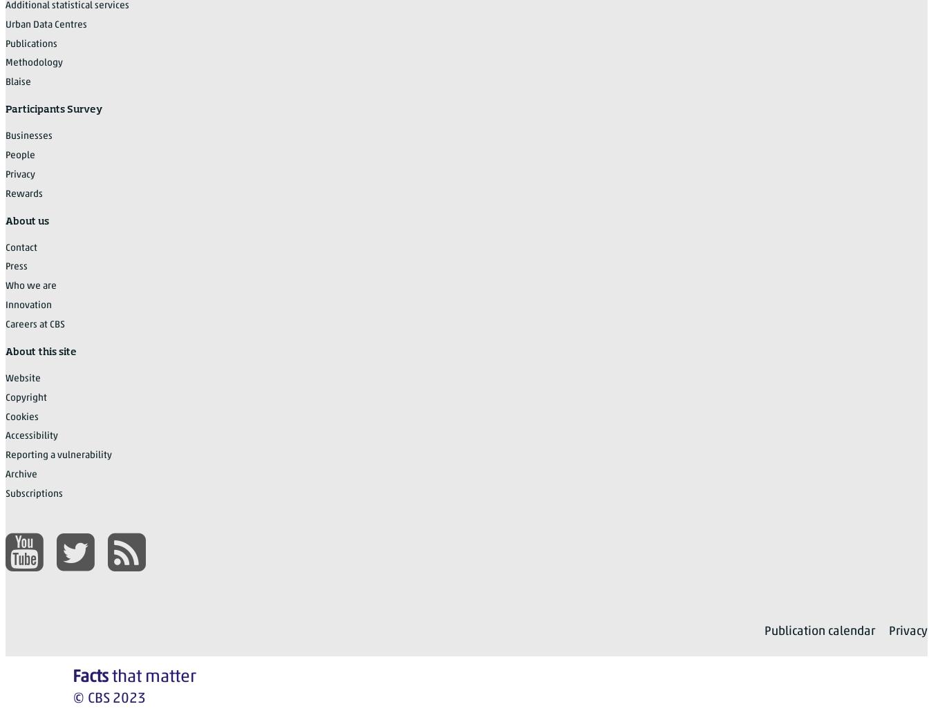  I want to click on 'About this site', so click(41, 351).